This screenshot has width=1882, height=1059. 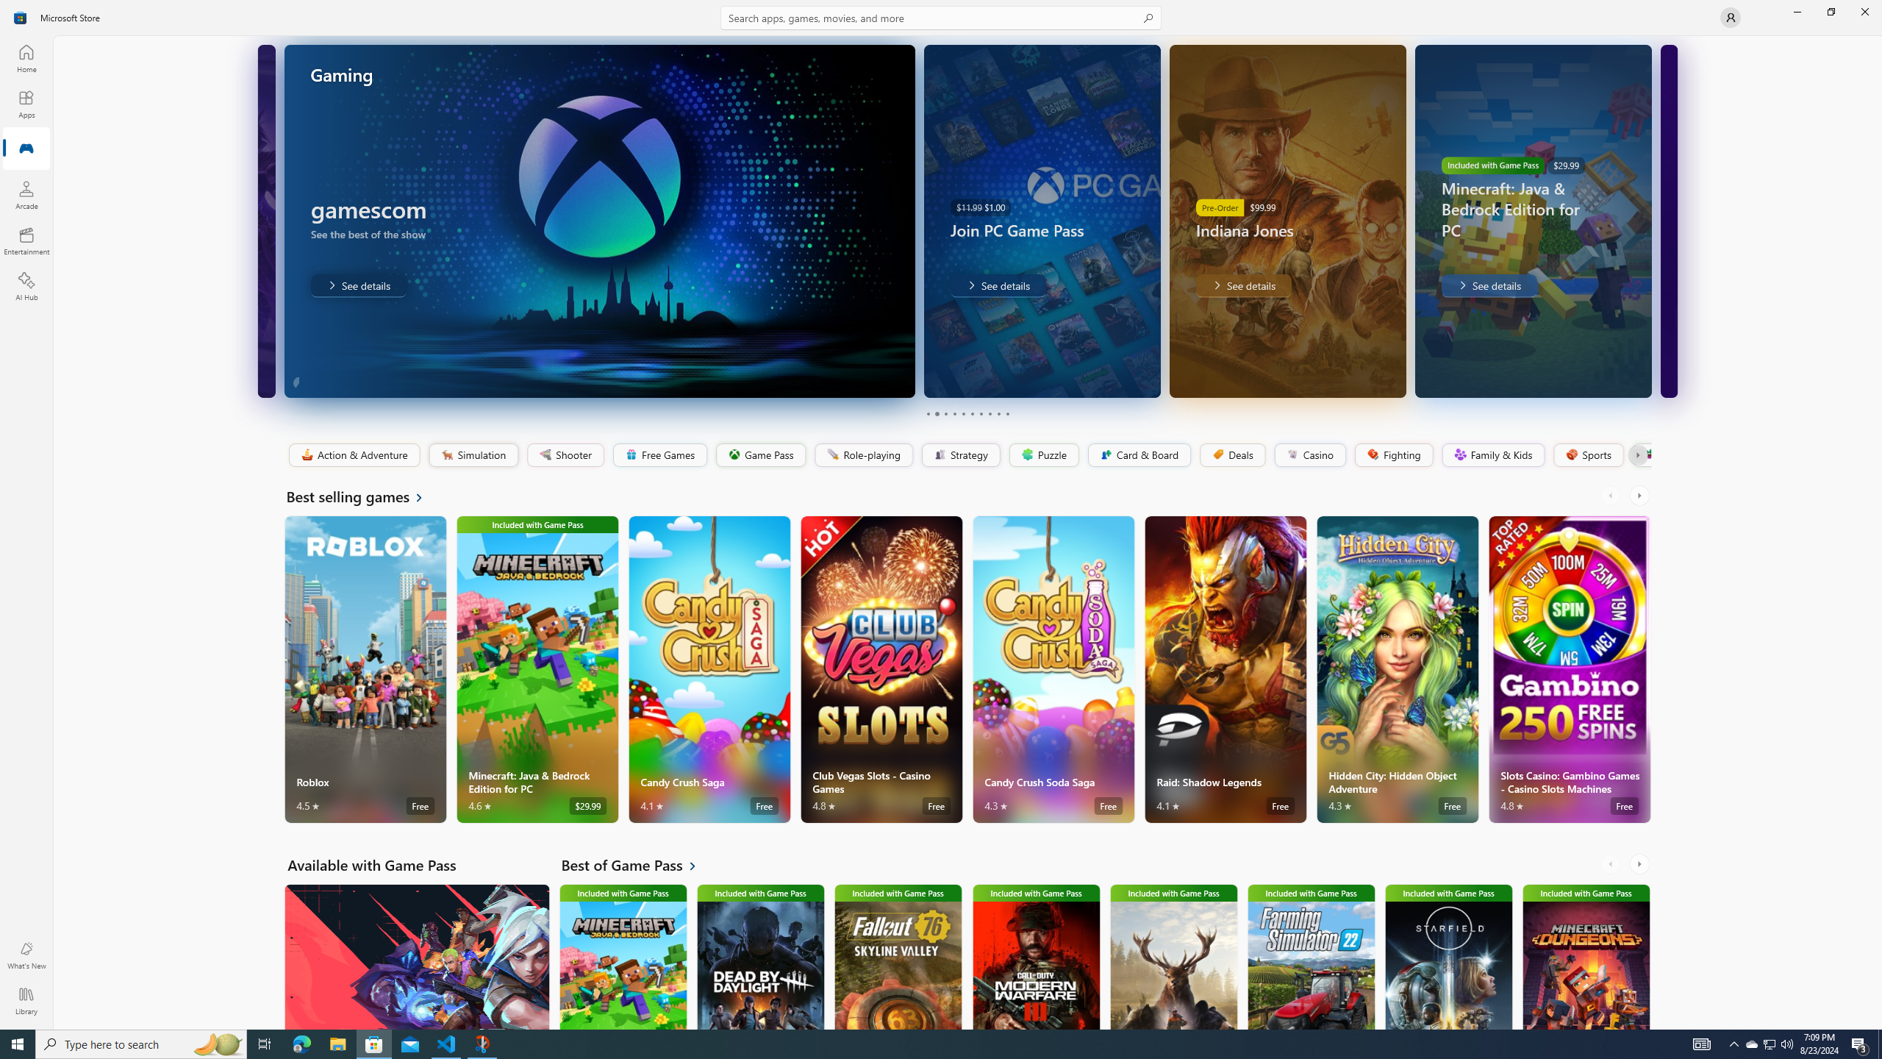 I want to click on 'Available with Game Pass. VALORANT', so click(x=416, y=957).